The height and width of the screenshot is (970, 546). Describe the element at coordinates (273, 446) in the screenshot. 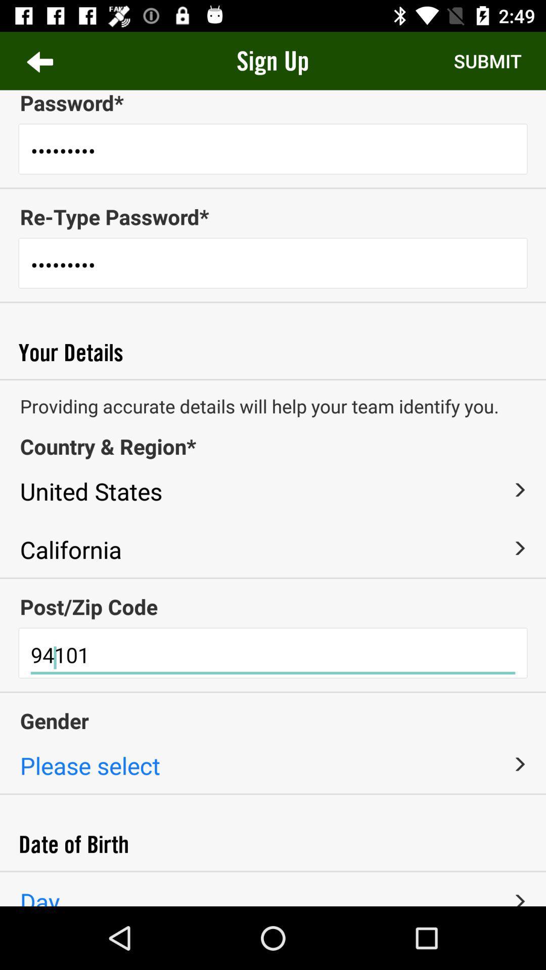

I see `country & region* item` at that location.